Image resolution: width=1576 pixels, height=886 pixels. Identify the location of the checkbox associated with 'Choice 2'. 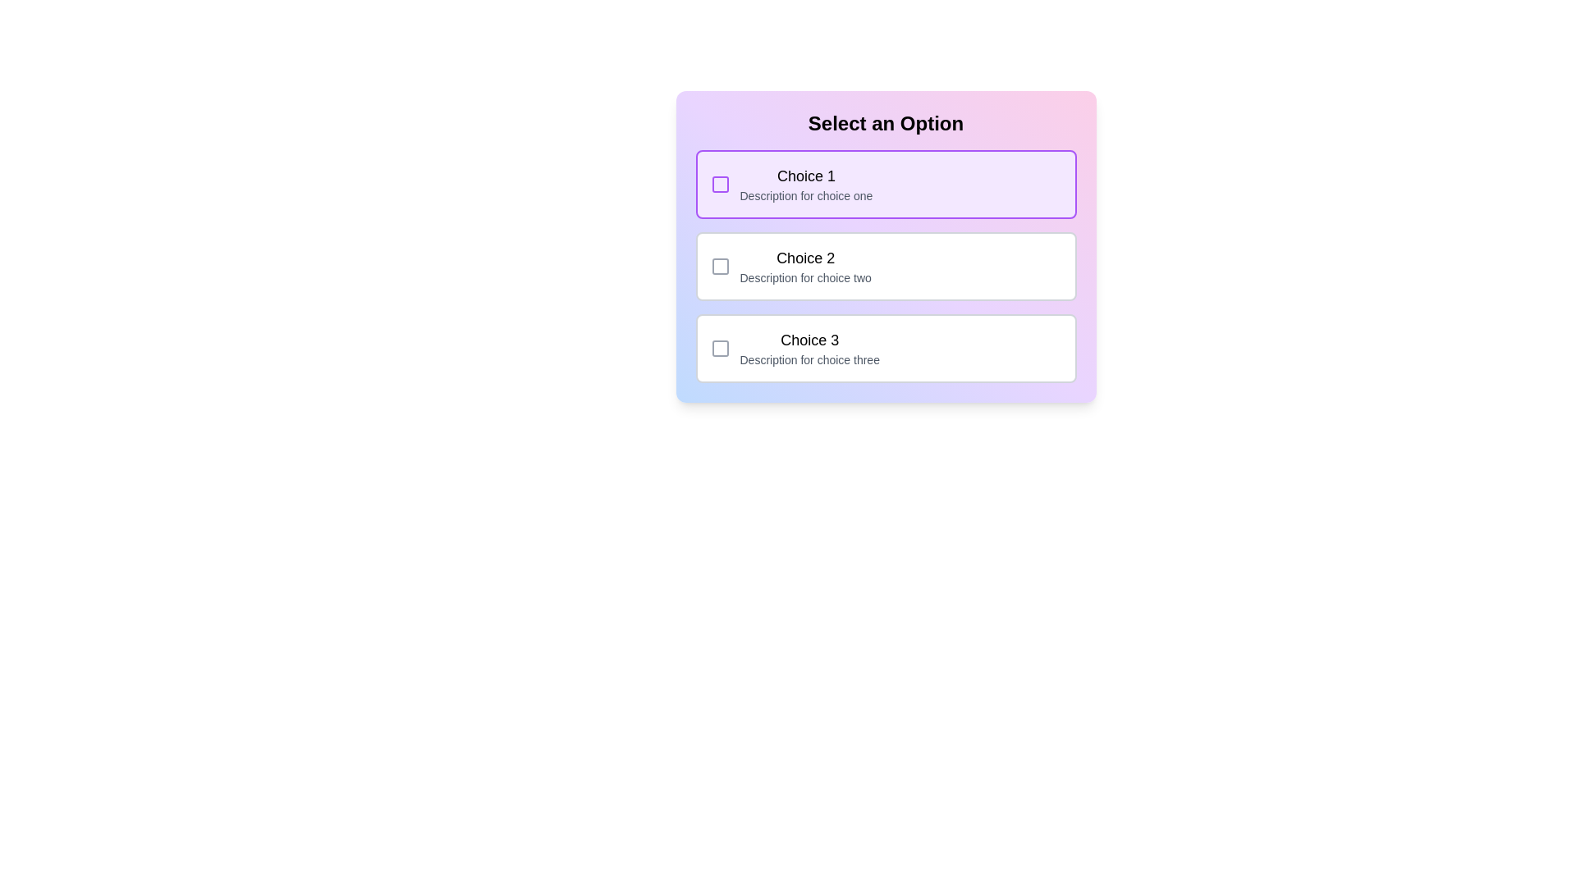
(720, 265).